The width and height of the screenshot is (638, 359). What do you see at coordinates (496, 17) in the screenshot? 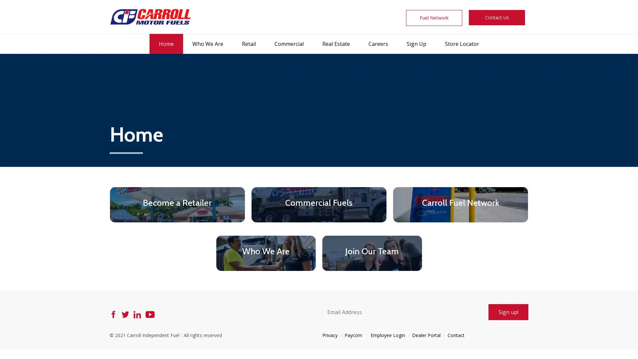
I see `Contact Us` at bounding box center [496, 17].